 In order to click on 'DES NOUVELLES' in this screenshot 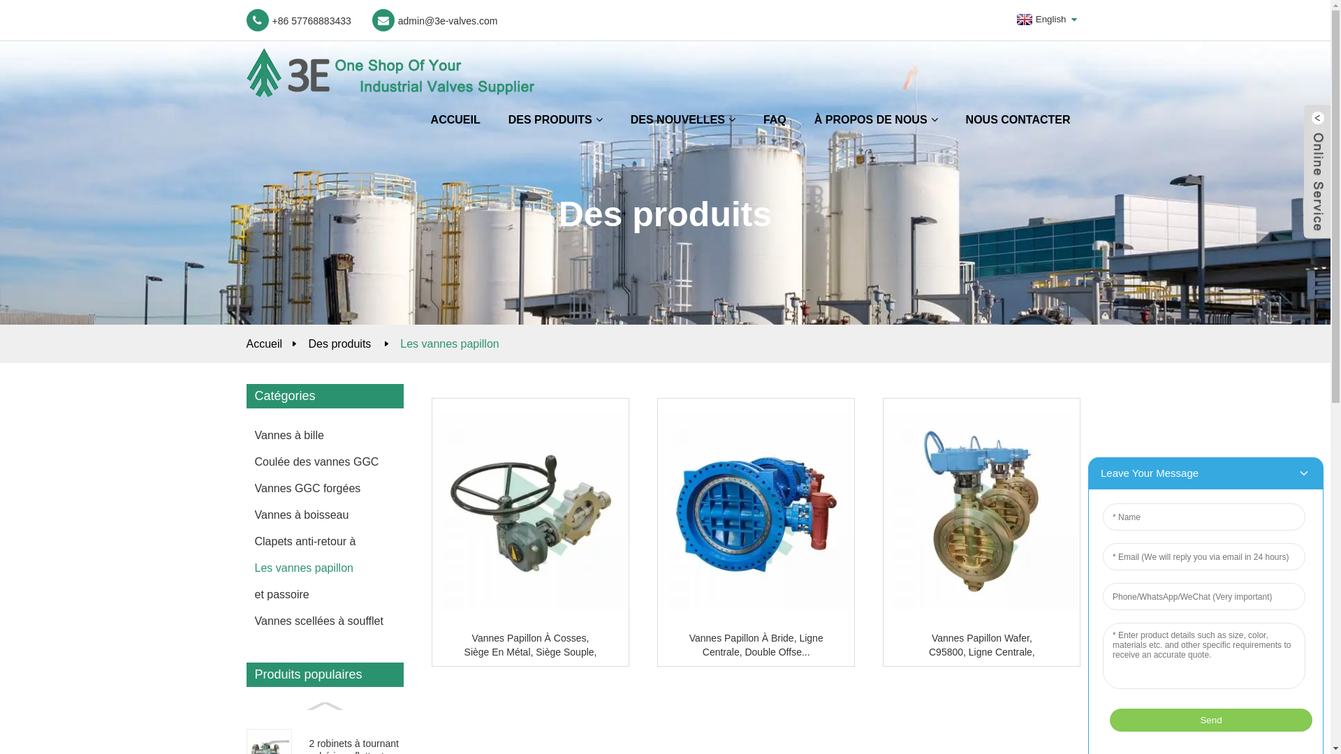, I will do `click(683, 119)`.